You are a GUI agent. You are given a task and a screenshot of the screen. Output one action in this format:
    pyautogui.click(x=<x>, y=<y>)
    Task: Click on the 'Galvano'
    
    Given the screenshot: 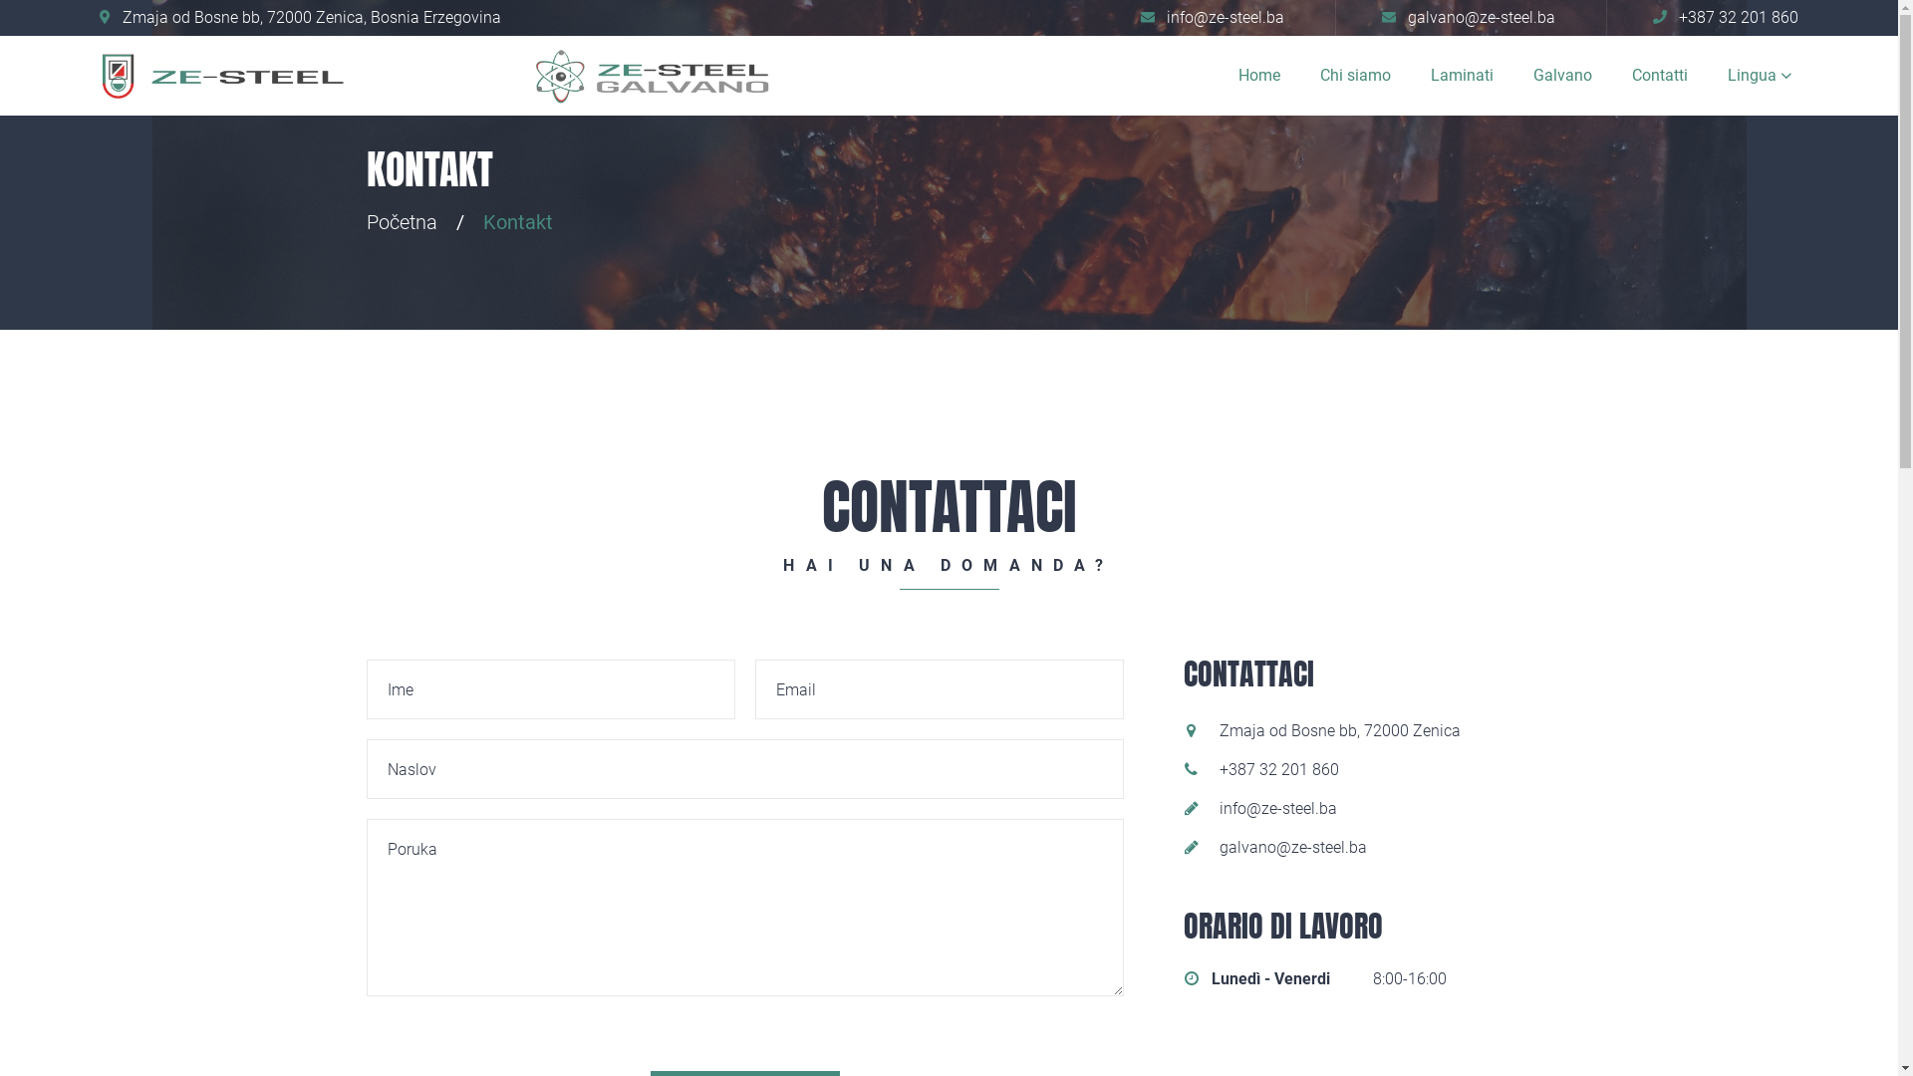 What is the action you would take?
    pyautogui.click(x=1561, y=75)
    